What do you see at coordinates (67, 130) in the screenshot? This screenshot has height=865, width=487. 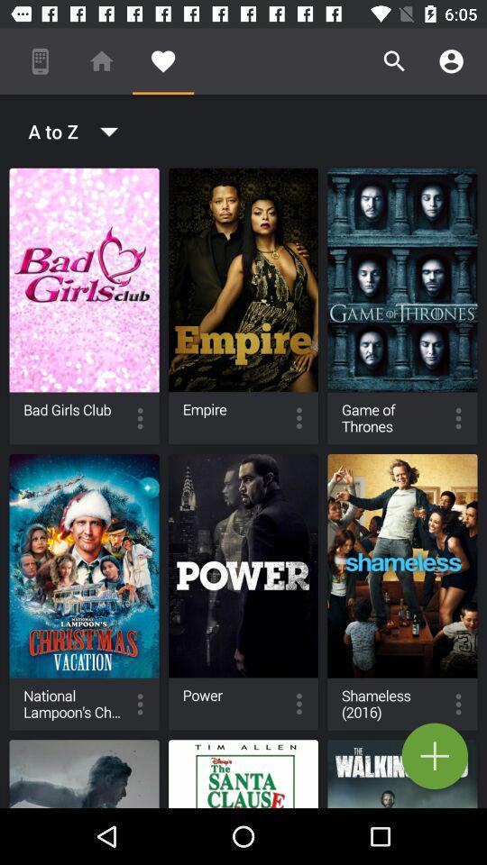 I see `the a to z icon` at bounding box center [67, 130].